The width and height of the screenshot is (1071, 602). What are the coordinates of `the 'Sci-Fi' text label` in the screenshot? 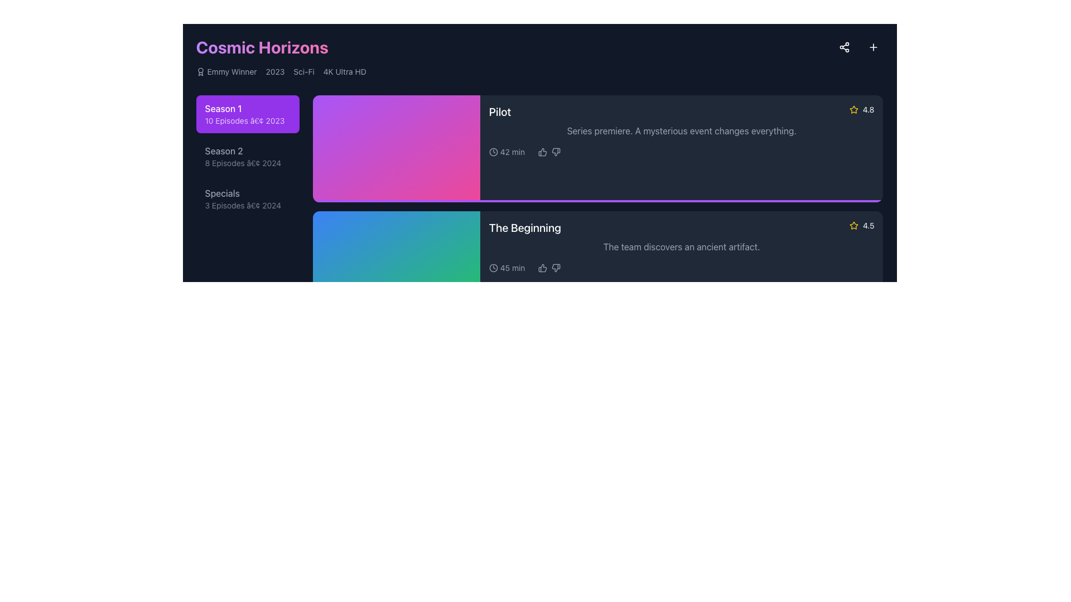 It's located at (304, 71).